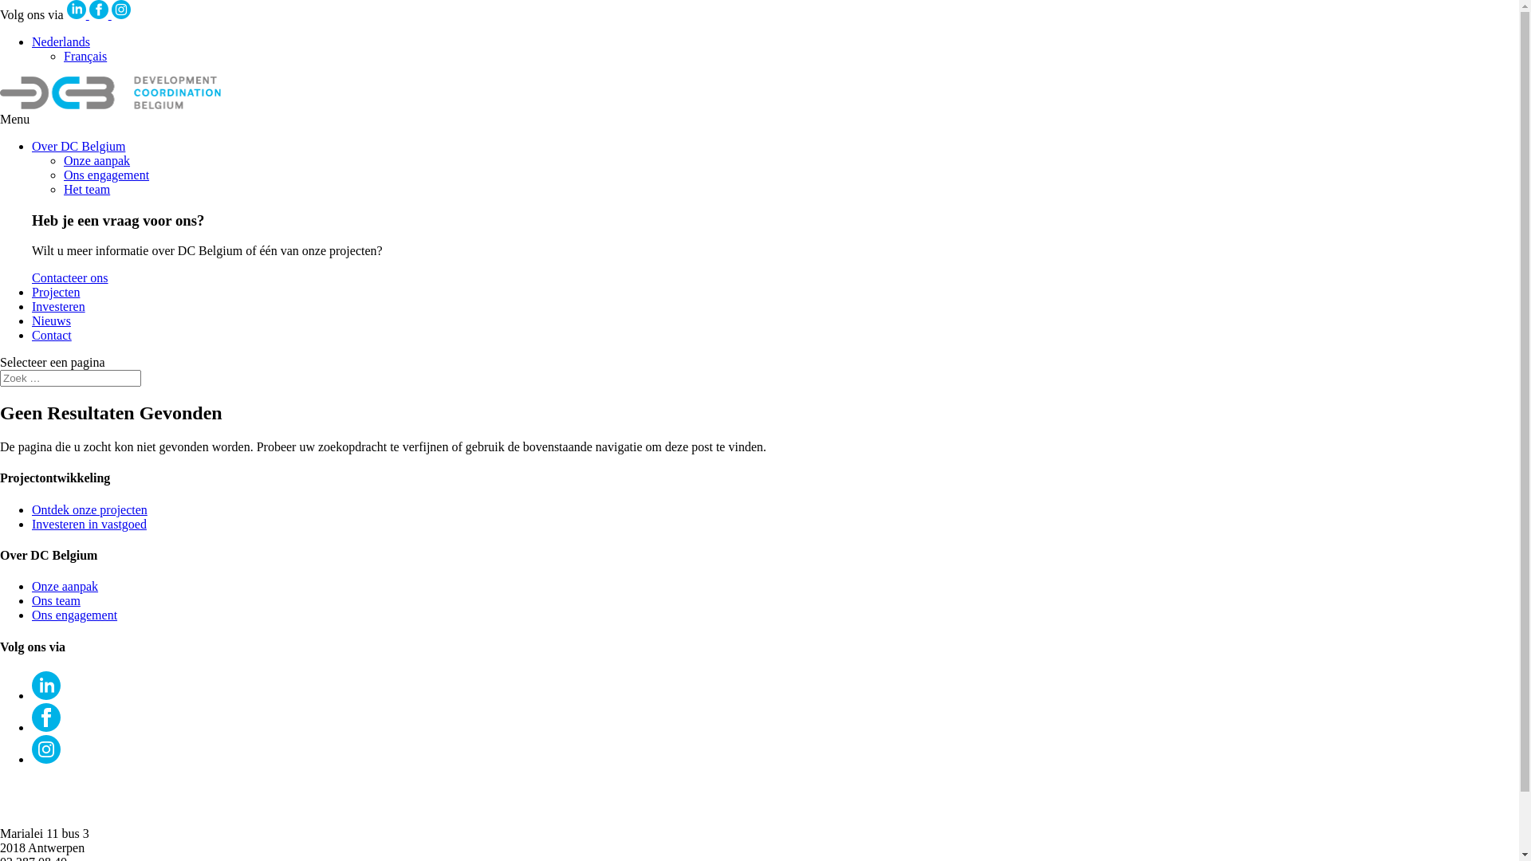 This screenshot has height=861, width=1531. I want to click on 'Investeren', so click(31, 306).